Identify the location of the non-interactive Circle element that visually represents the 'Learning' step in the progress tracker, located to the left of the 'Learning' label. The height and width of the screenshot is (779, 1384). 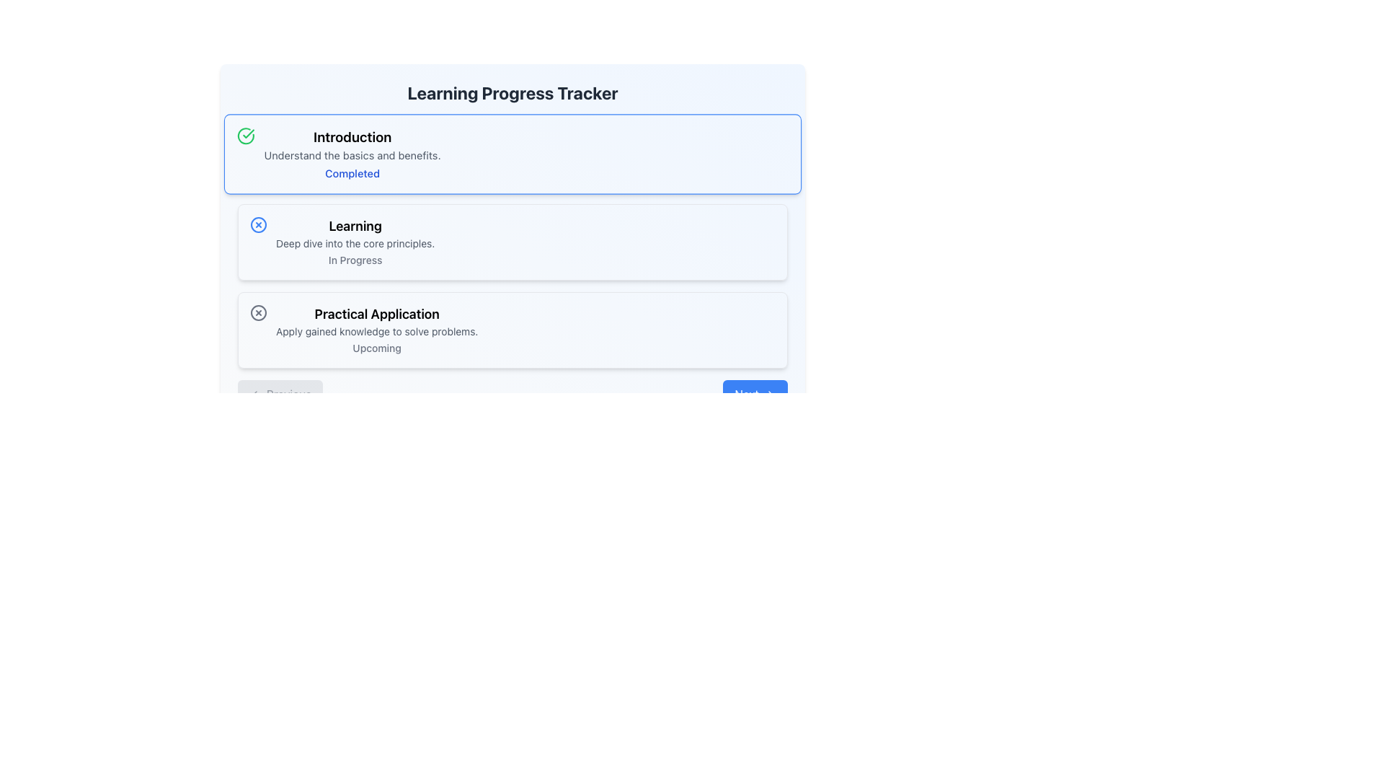
(259, 225).